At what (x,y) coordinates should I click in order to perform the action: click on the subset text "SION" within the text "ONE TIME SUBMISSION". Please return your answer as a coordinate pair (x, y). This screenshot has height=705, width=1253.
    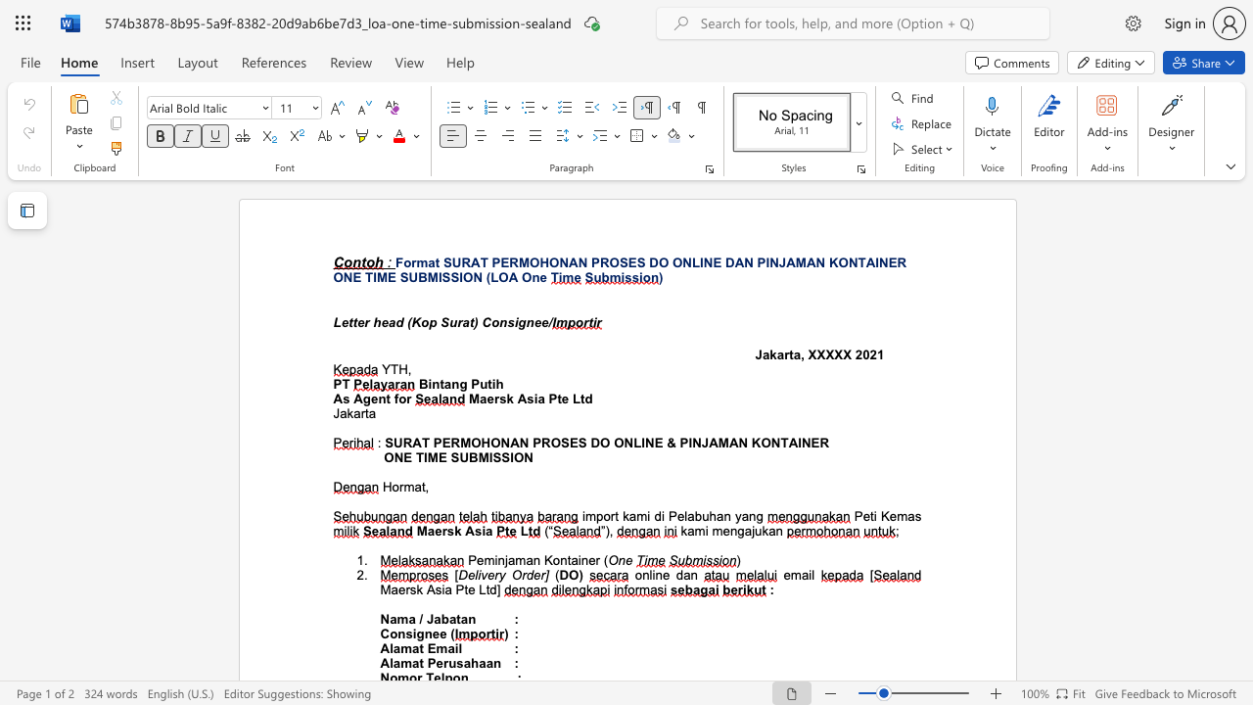
    Looking at the image, I should click on (449, 277).